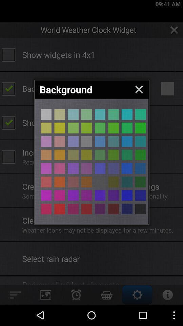  I want to click on choose a color, so click(86, 168).